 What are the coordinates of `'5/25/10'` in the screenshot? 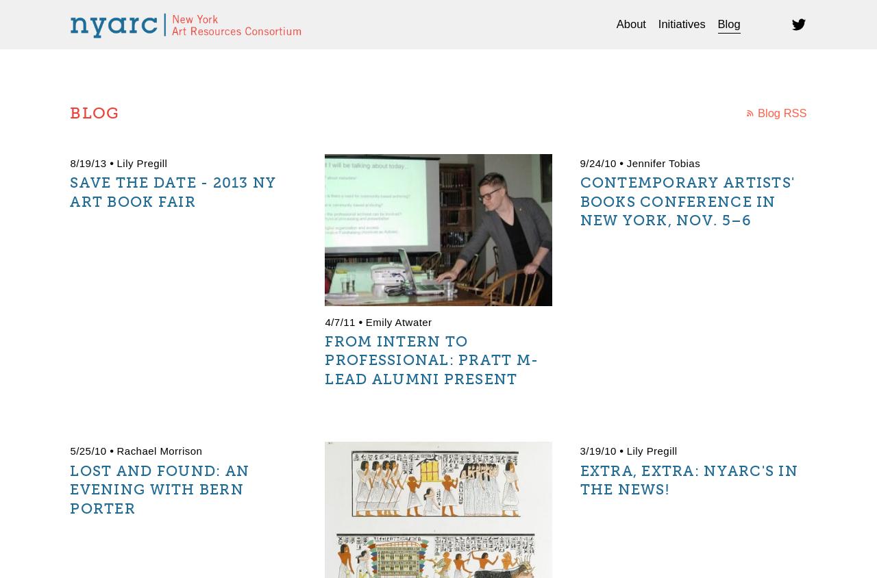 It's located at (69, 450).